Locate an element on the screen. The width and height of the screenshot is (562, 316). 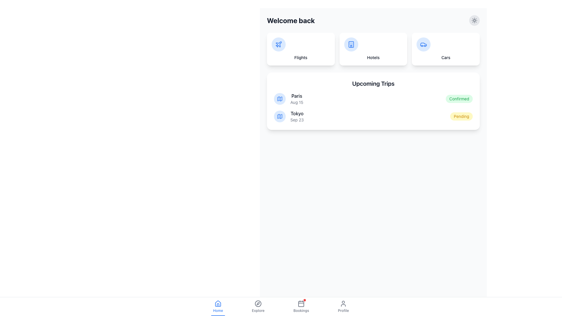
the plane icon, which is a blue SVG representation located in the top-left card titled 'Flights' is located at coordinates (278, 44).